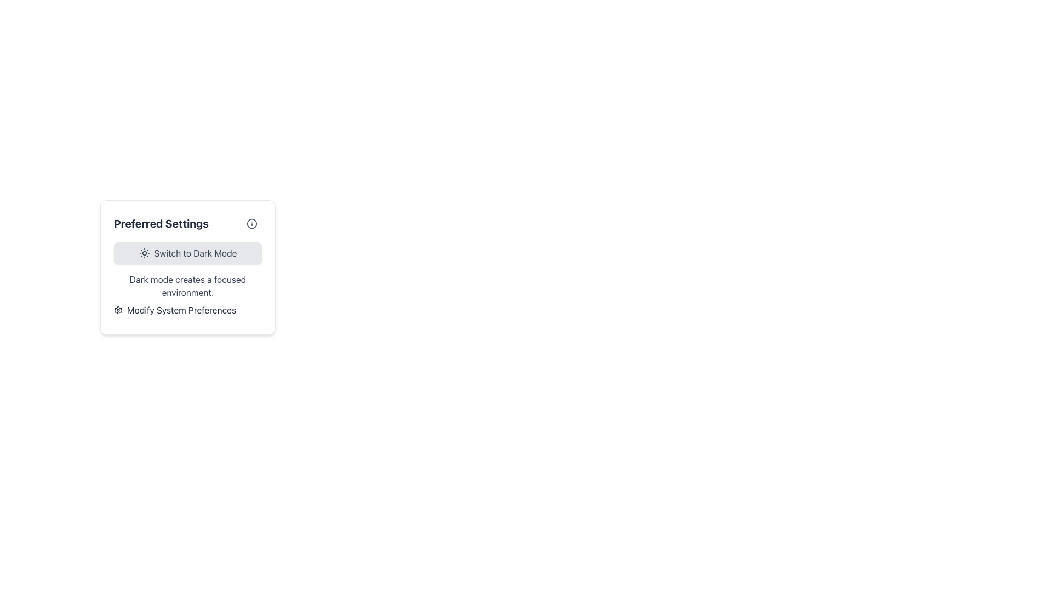 This screenshot has width=1052, height=591. What do you see at coordinates (187, 286) in the screenshot?
I see `text from the label displaying 'Dark mode creates a focused environment.' which is styled with dark gray text on a light background, located in the center of a card component` at bounding box center [187, 286].